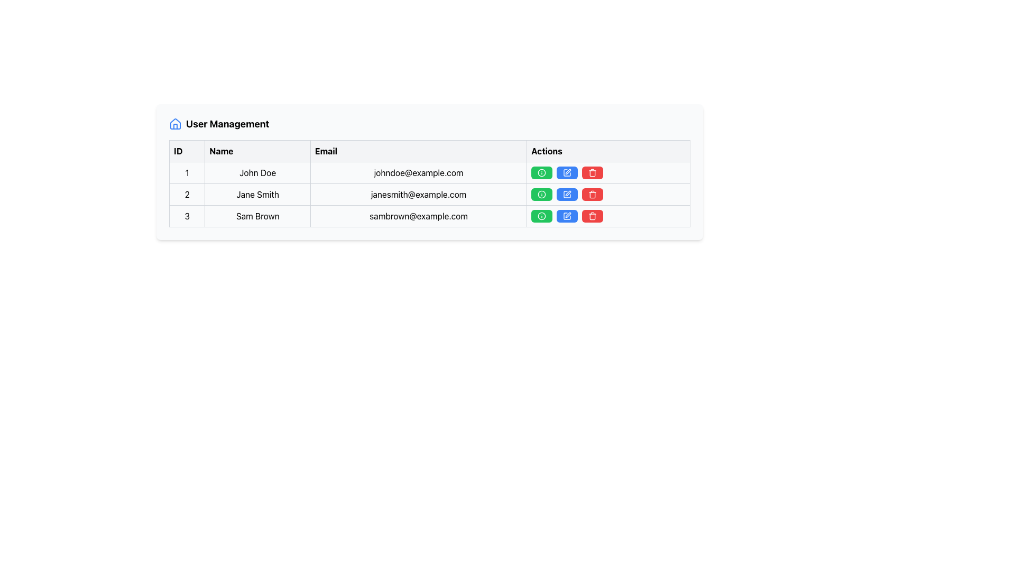 The width and height of the screenshot is (1015, 571). Describe the element at coordinates (542, 215) in the screenshot. I see `the 'view' button in the 'Actions' column for the user 'Sam Brown'` at that location.